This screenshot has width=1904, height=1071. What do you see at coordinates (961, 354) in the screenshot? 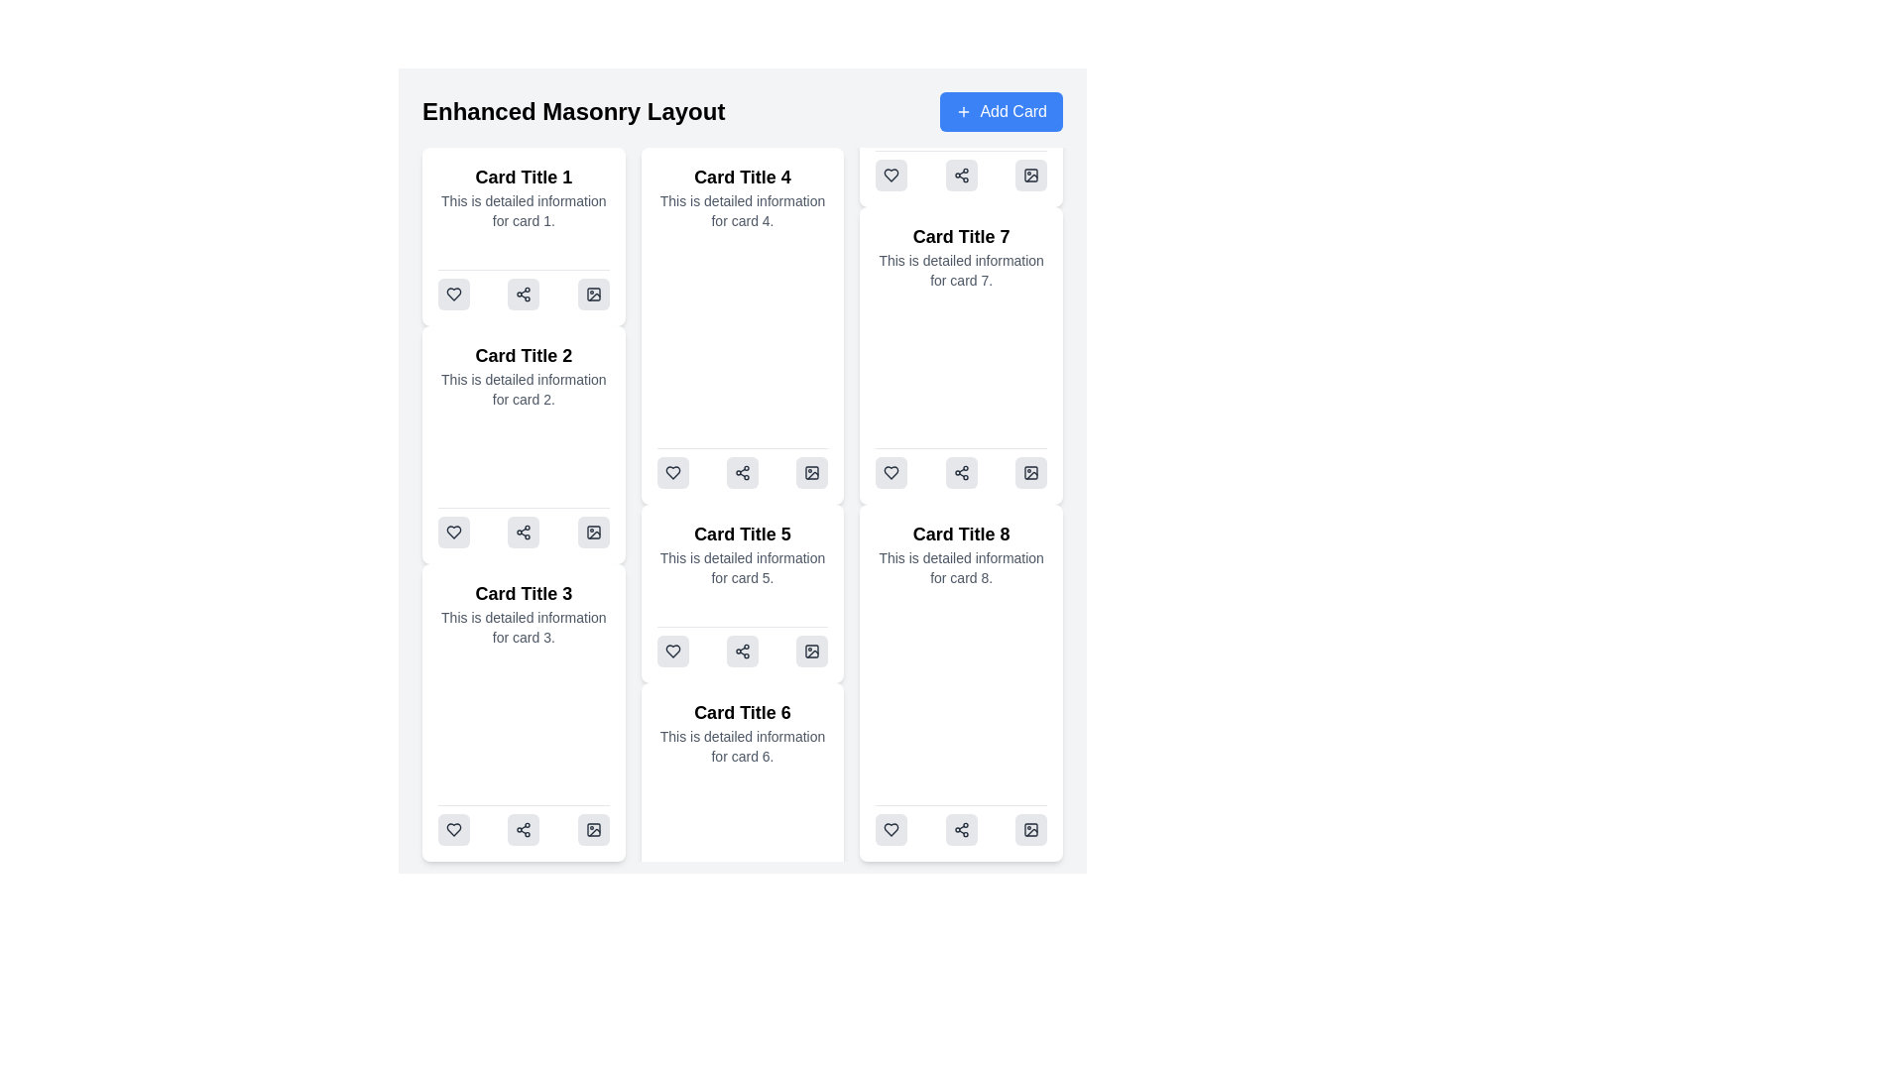
I see `the card located in the right-most column, second row of the Enhanced Masonry Layout` at bounding box center [961, 354].